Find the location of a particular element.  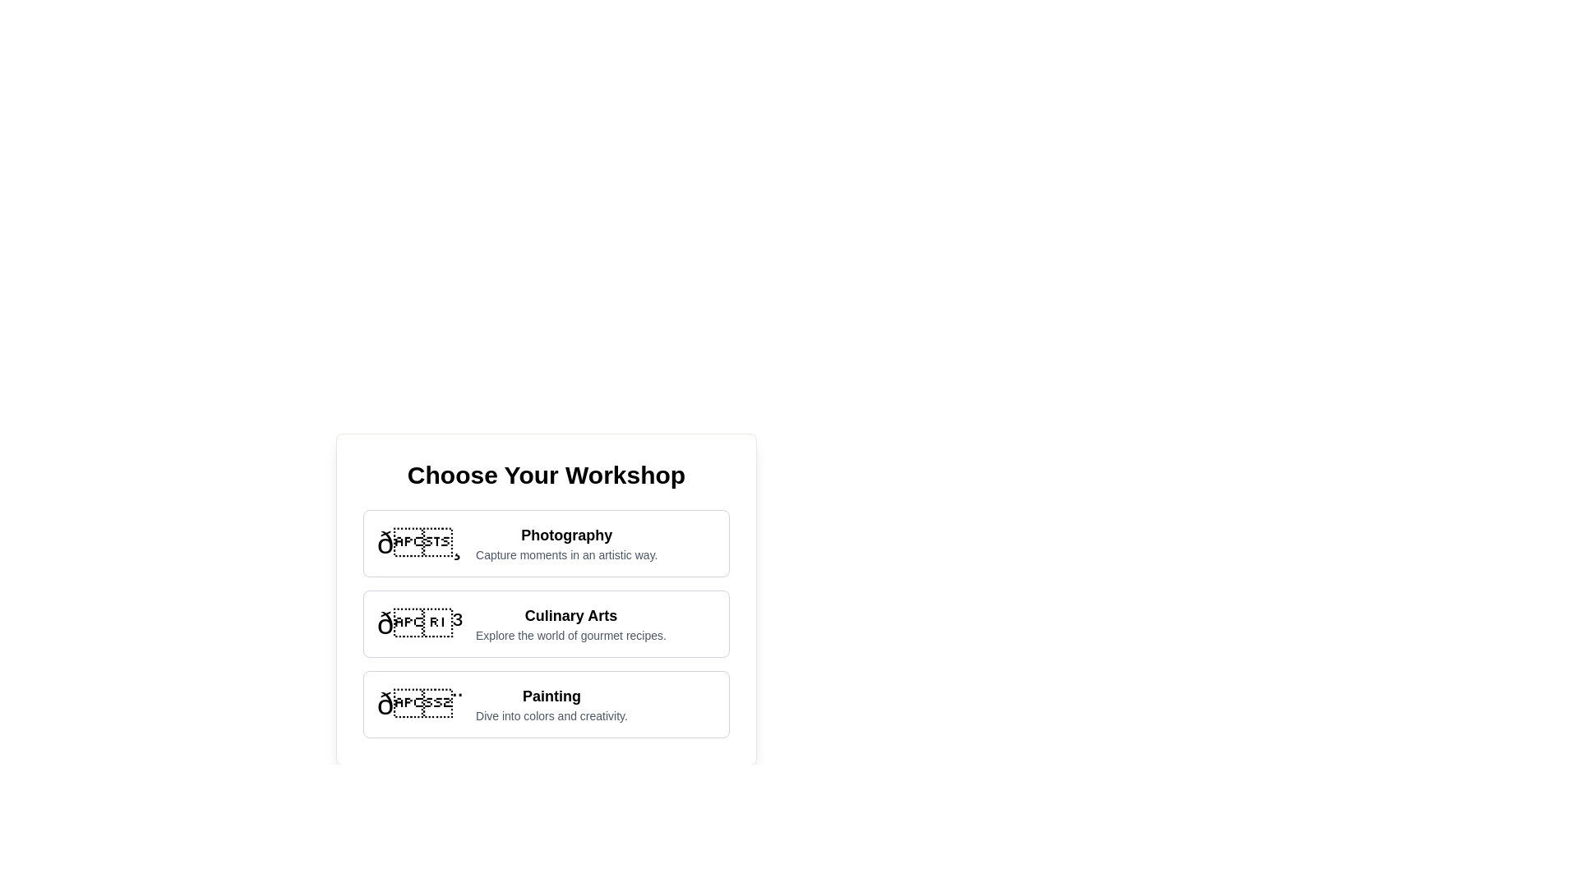

the first Selection Card in the vertical list, which features a photography emoji and the title 'Photography' is located at coordinates (547, 544).